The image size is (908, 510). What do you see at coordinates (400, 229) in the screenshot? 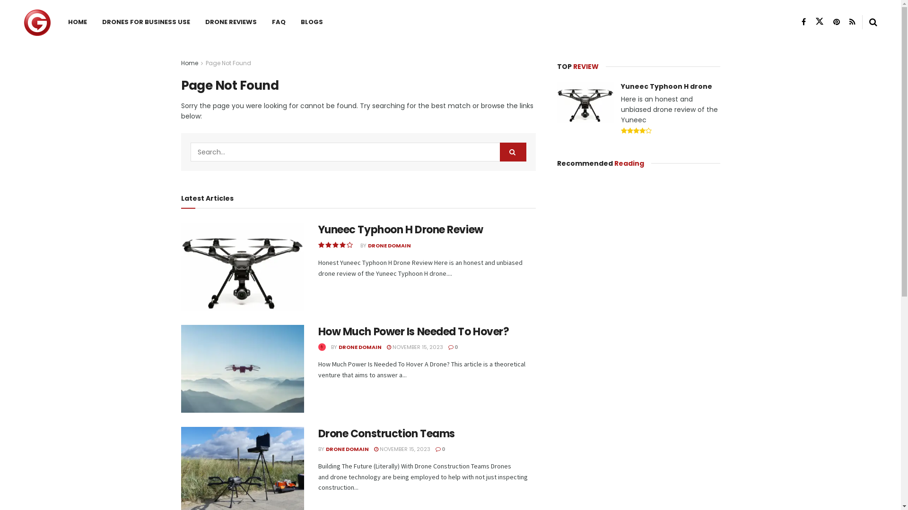
I see `'Yuneec Typhoon H Drone Review'` at bounding box center [400, 229].